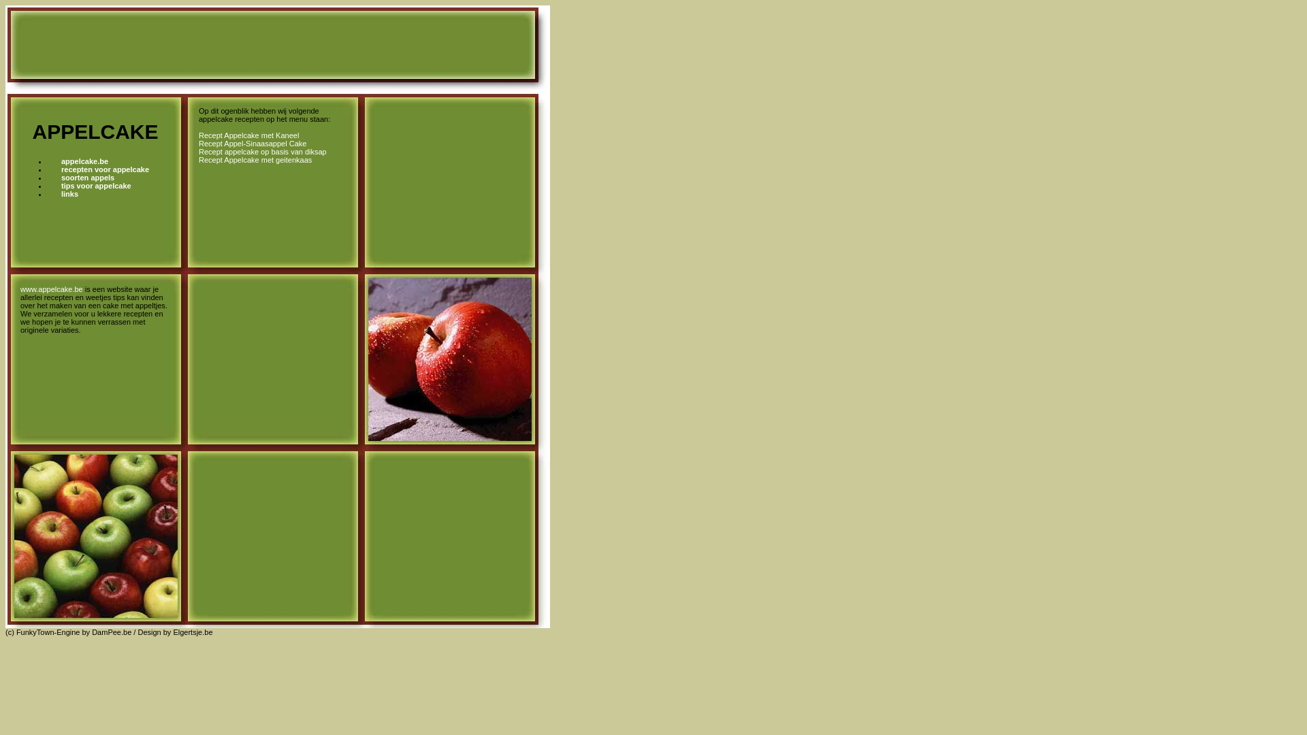  I want to click on 'Elgertsje.be', so click(172, 632).